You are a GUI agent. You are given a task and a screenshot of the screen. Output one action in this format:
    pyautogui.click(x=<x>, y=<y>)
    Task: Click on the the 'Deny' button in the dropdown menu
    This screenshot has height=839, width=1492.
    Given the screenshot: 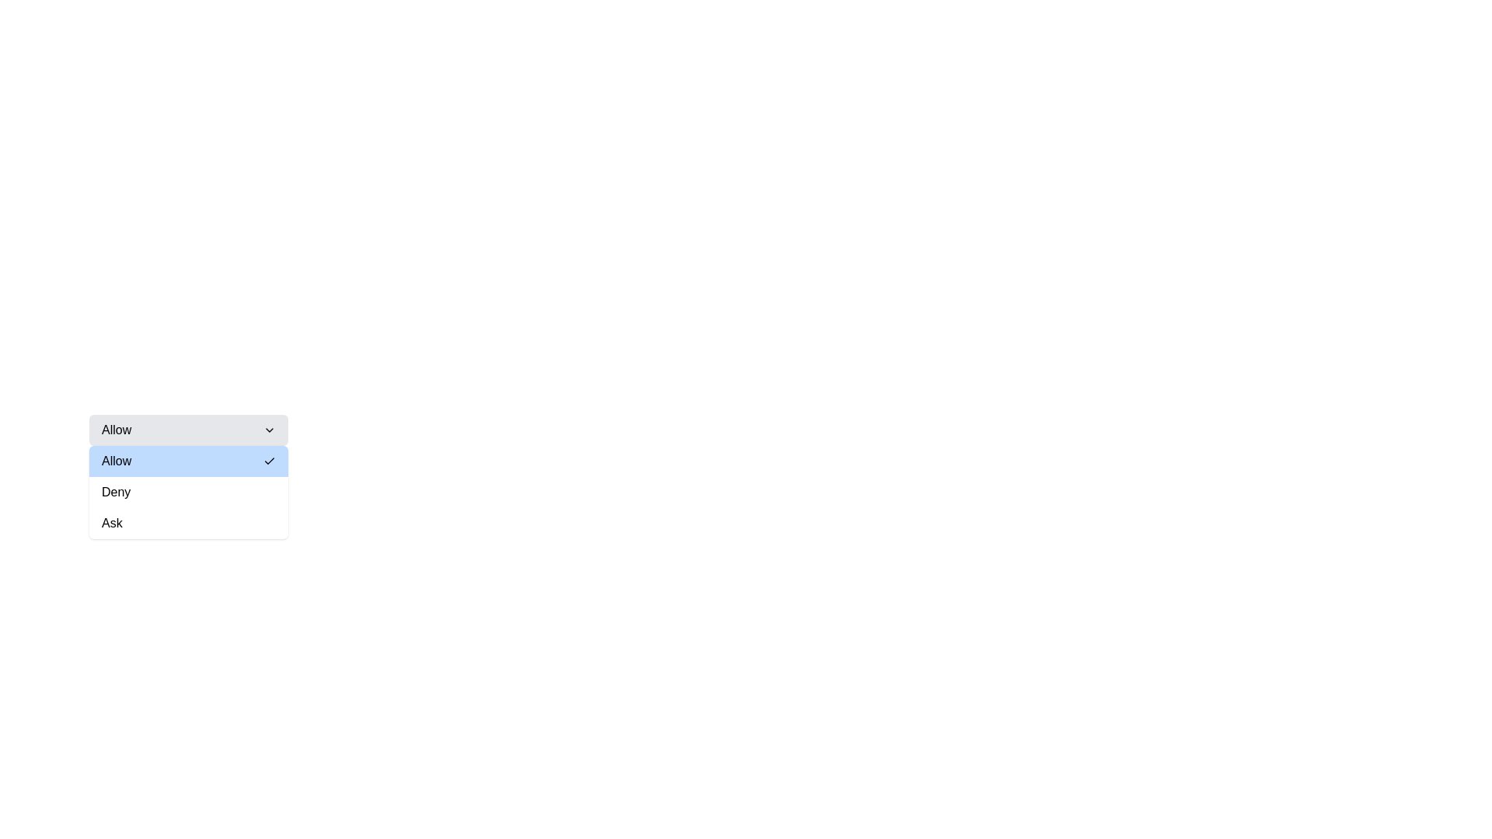 What is the action you would take?
    pyautogui.click(x=188, y=492)
    